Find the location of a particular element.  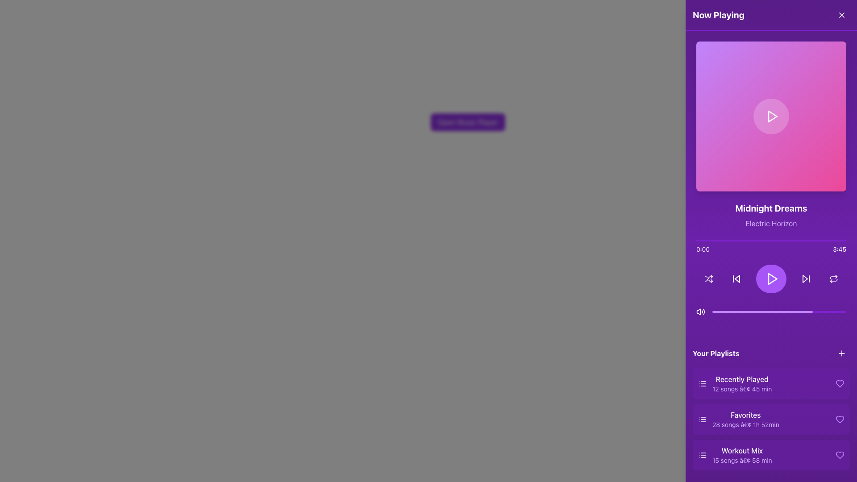

the playback progress is located at coordinates (769, 311).